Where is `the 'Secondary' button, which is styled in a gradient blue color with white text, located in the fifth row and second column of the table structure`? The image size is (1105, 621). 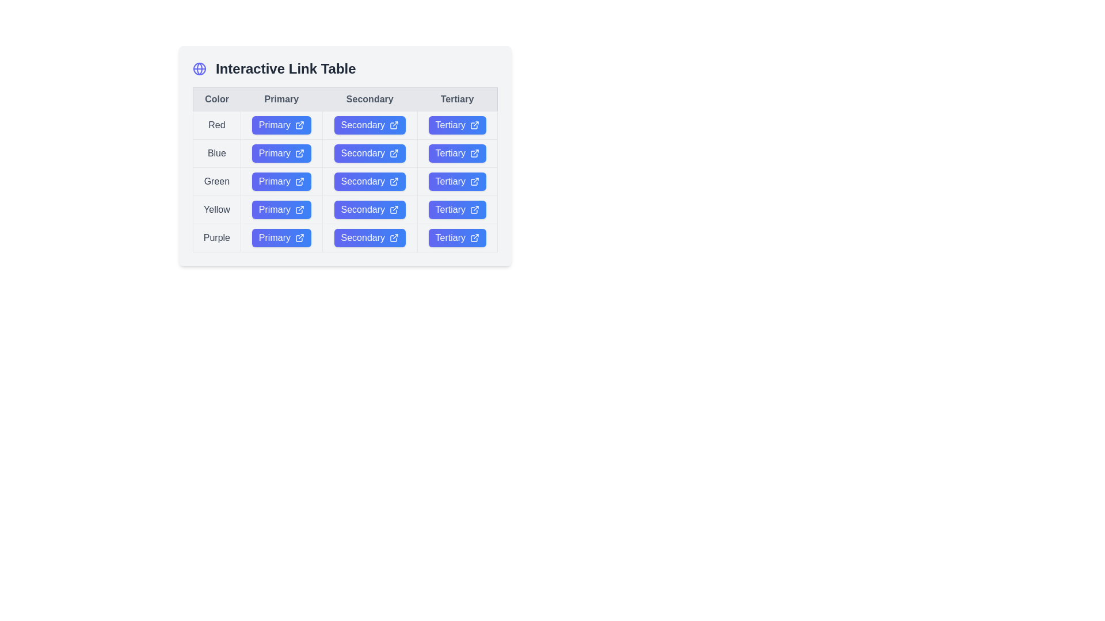 the 'Secondary' button, which is styled in a gradient blue color with white text, located in the fifth row and second column of the table structure is located at coordinates (345, 237).